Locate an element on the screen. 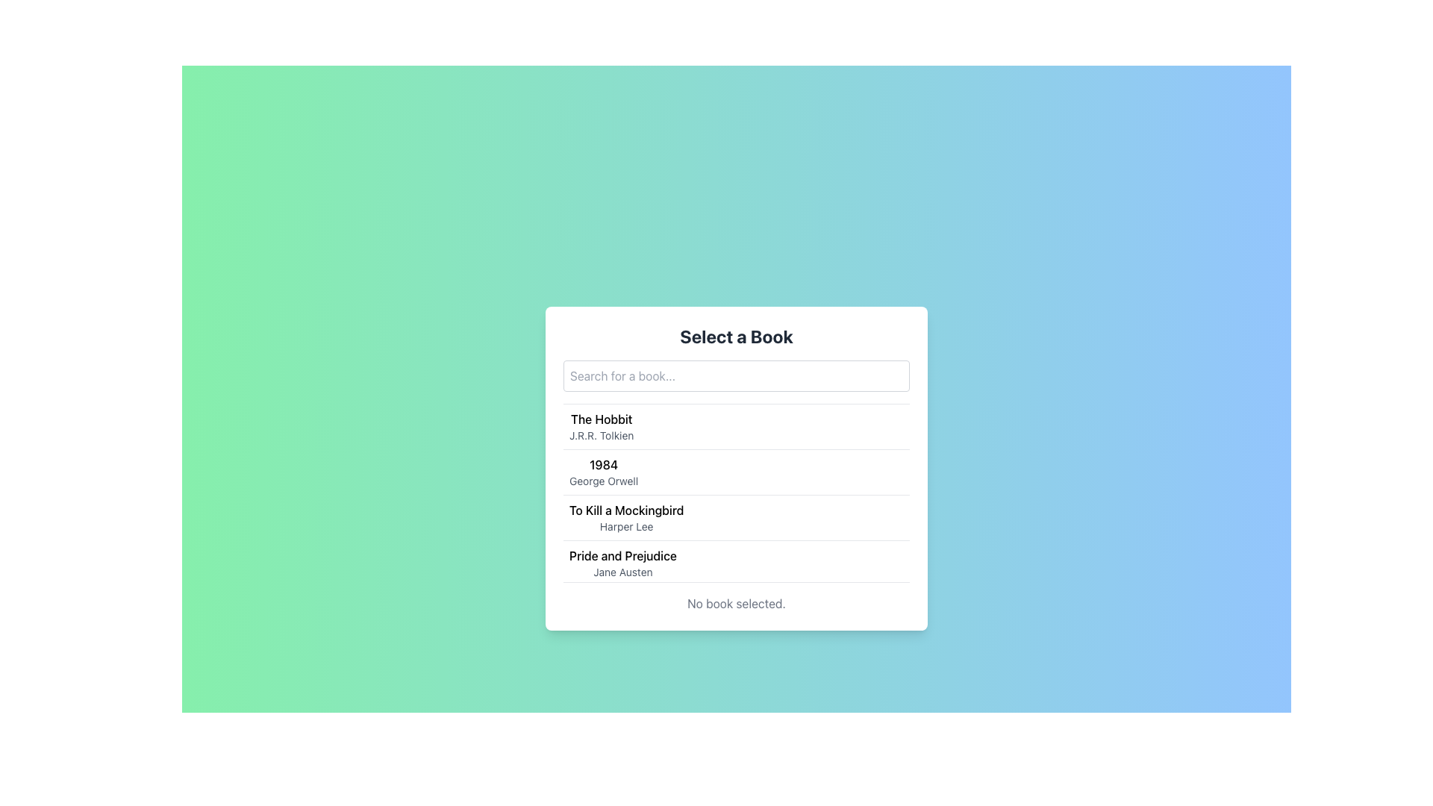 This screenshot has height=806, width=1433. the first list item displaying the title 'The Hobbit' and the author 'J.R.R. Tolkien' is located at coordinates (602, 426).